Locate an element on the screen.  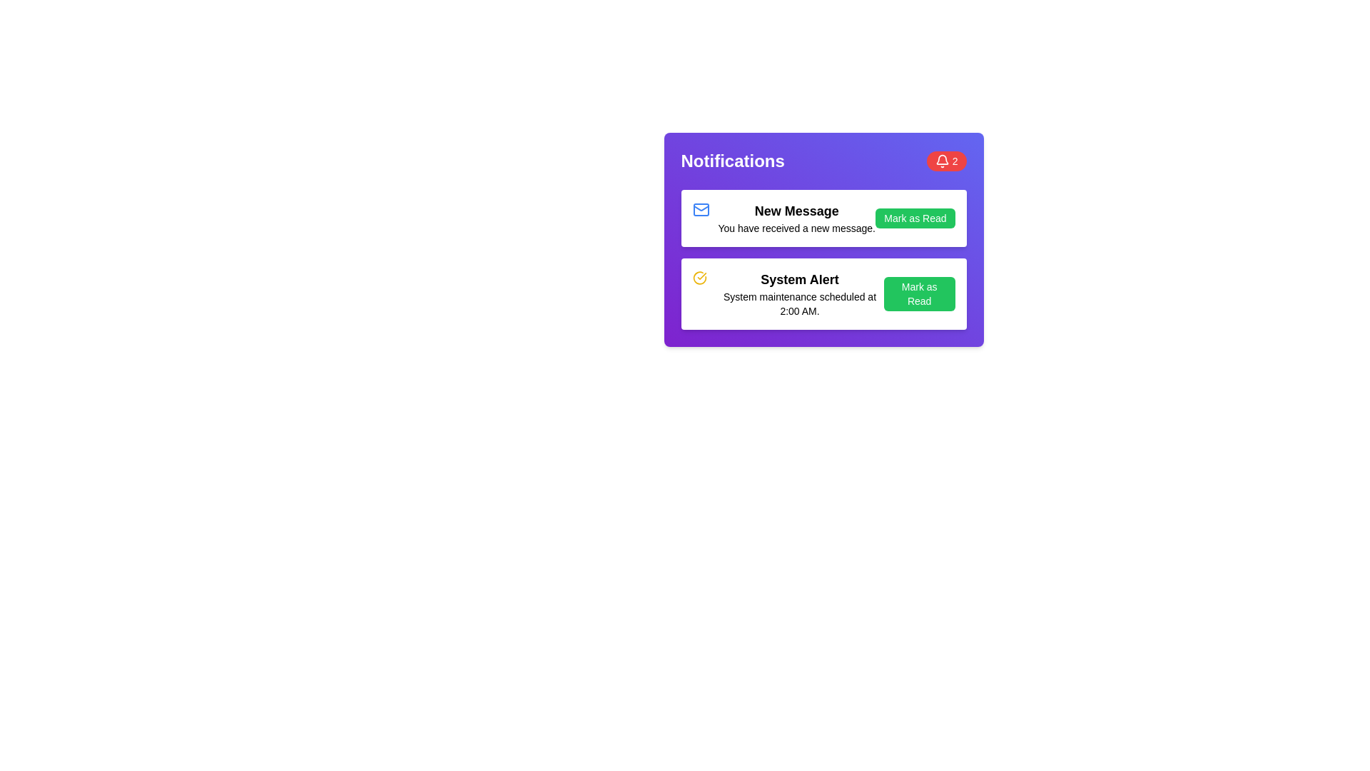
value displayed in the small text label containing the number '2', which is styled in white color and located within a red background badge in the top-right corner of the 'Notifications' interface, to the right of a bell icon is located at coordinates (955, 161).